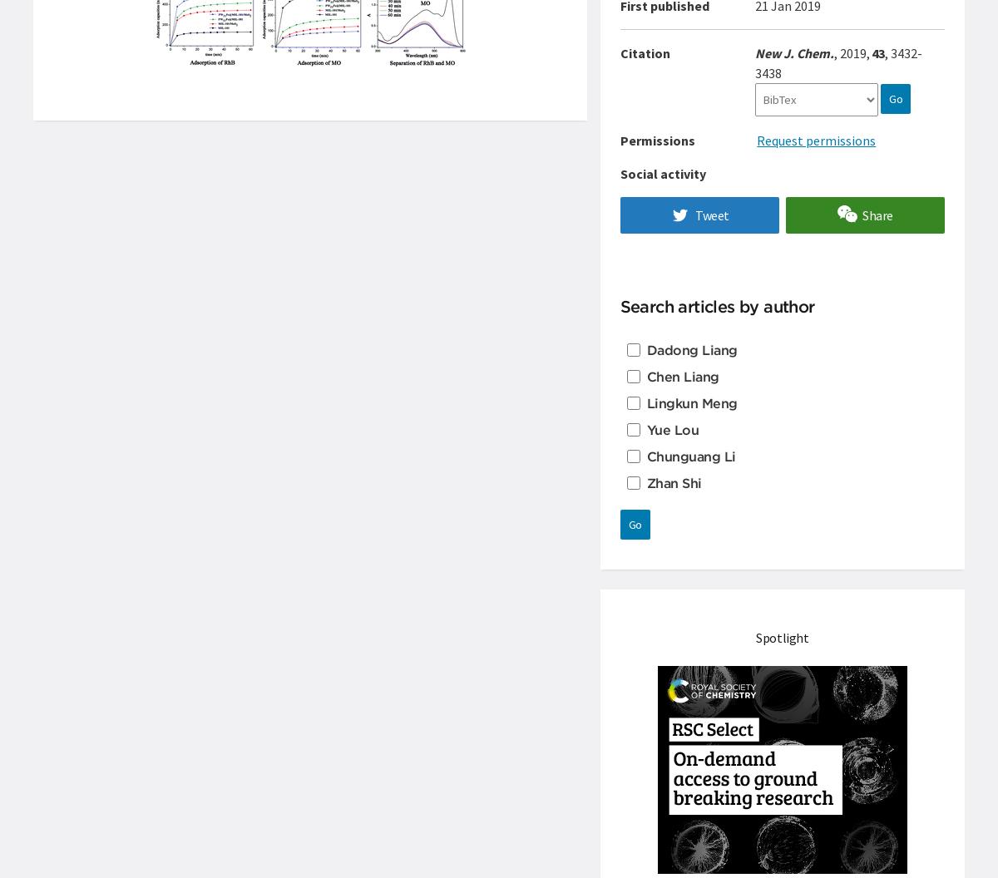  What do you see at coordinates (710, 215) in the screenshot?
I see `'Tweet'` at bounding box center [710, 215].